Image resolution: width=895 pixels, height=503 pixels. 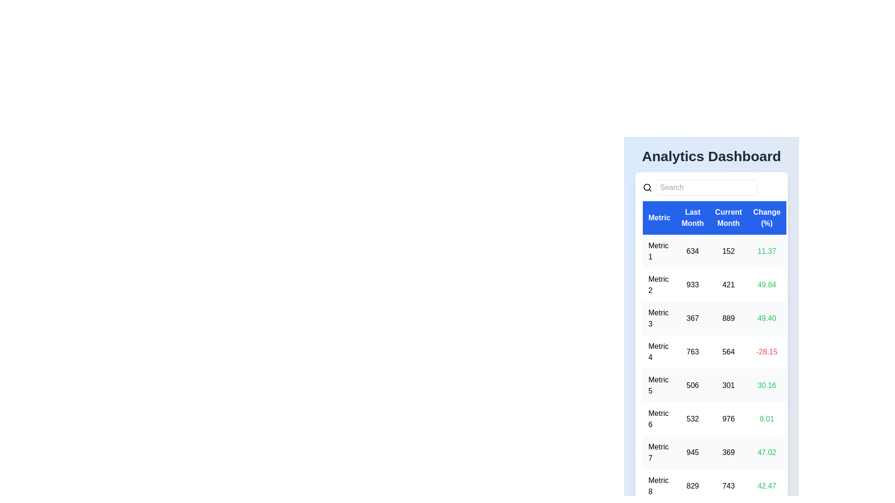 What do you see at coordinates (767, 218) in the screenshot?
I see `the table header labeled 'Change (%)' to sort the data by that column` at bounding box center [767, 218].